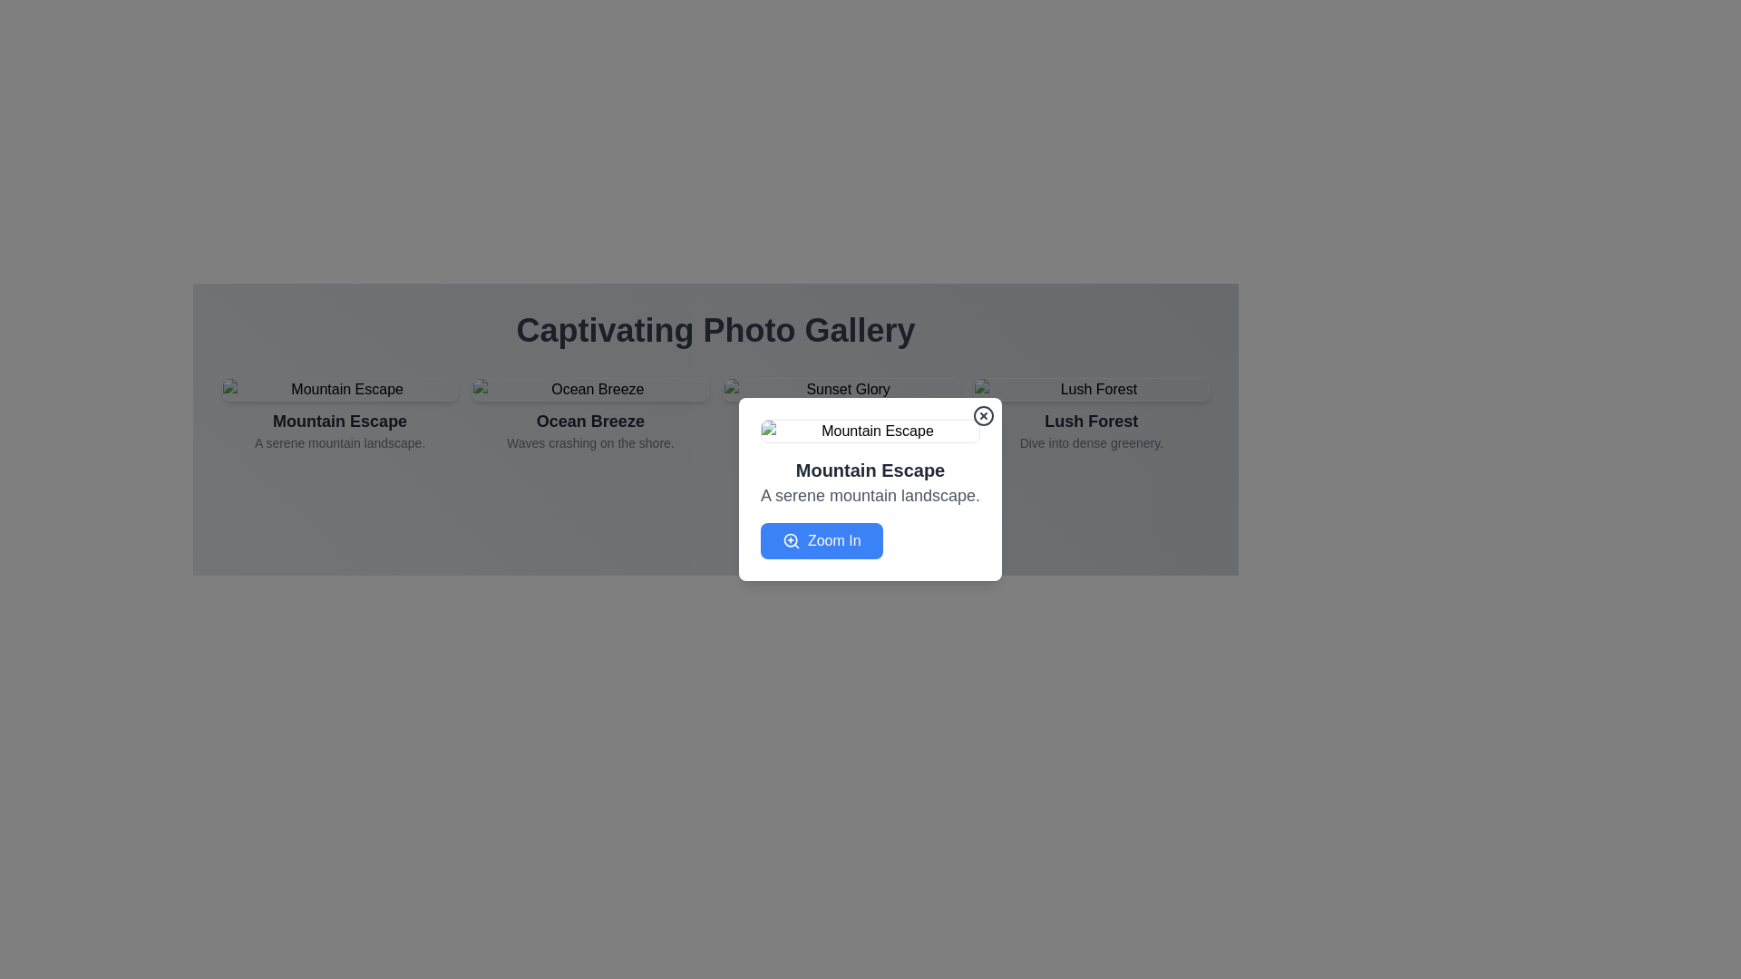 This screenshot has height=979, width=1741. I want to click on alt text of the image labeled 'Sunset Glory', which is the uppermost component of the card in the photo gallery interface, so click(840, 388).